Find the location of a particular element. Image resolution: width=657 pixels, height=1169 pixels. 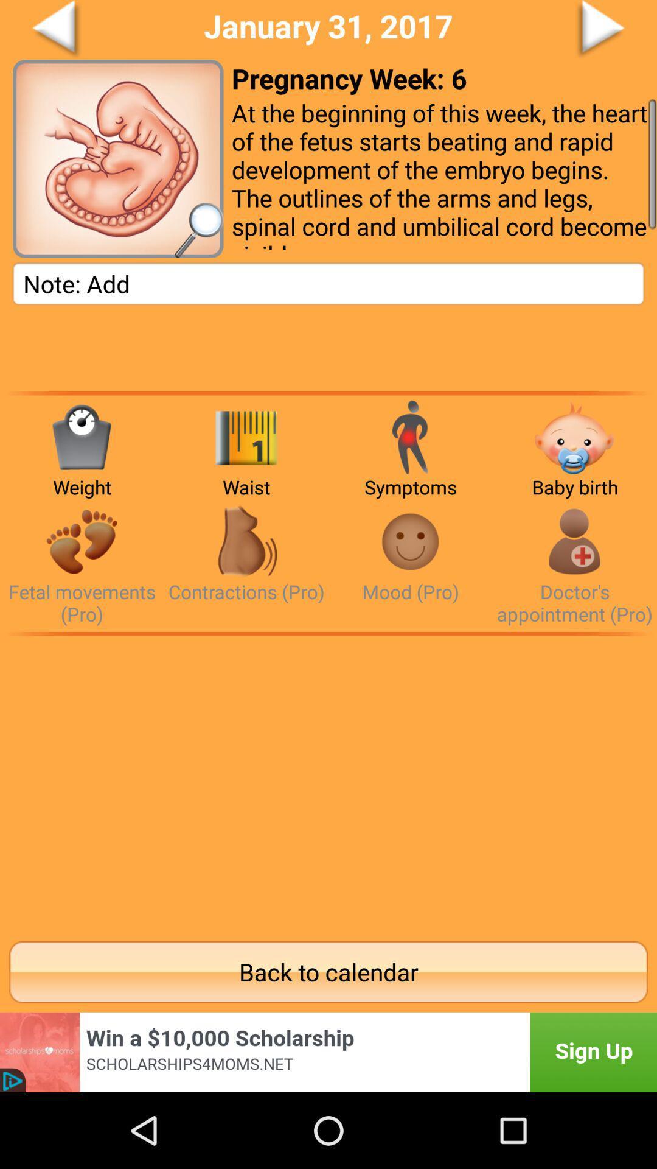

advertising is located at coordinates (328, 1051).